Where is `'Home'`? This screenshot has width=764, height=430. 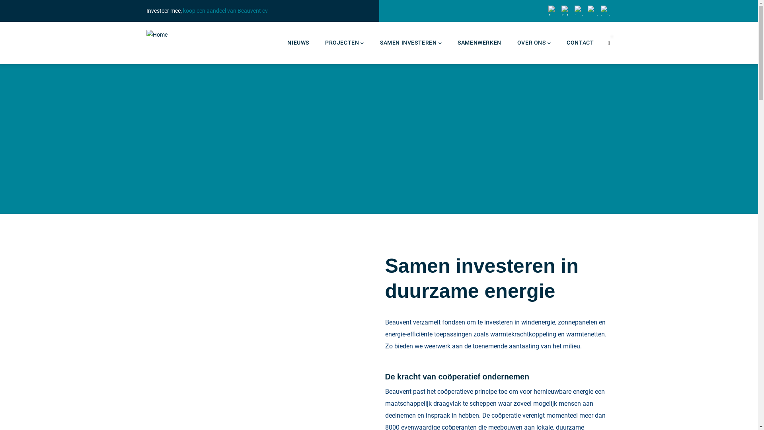
'Home' is located at coordinates (157, 34).